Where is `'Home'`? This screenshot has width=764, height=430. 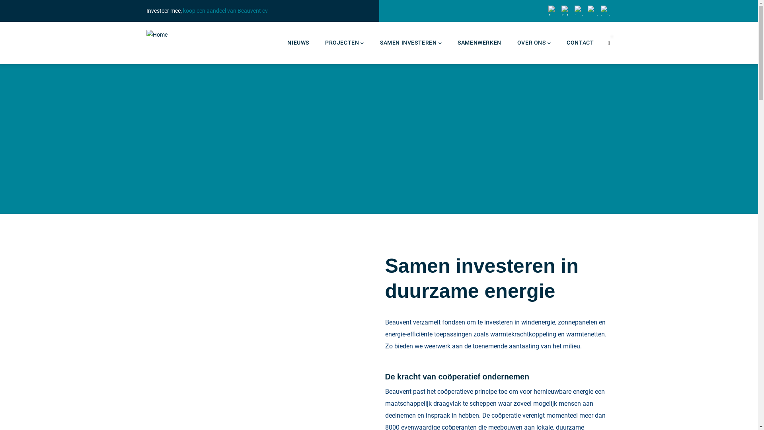
'Home' is located at coordinates (157, 34).